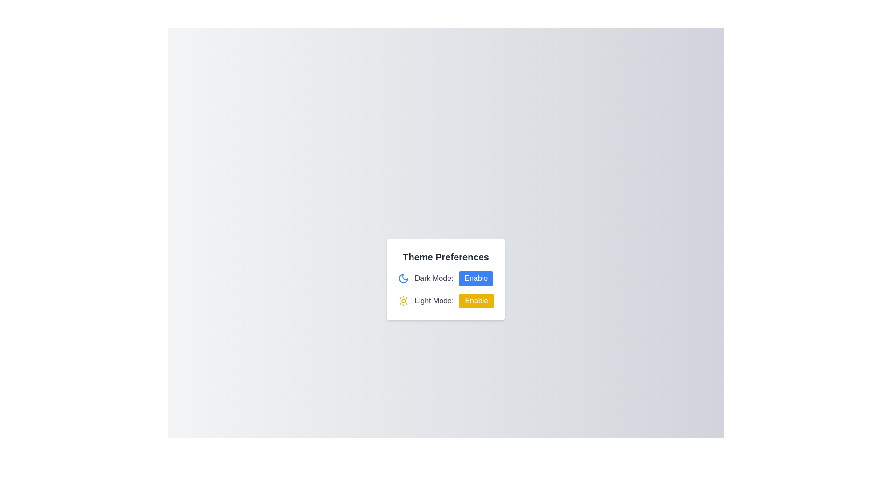  I want to click on the 'Light Mode:' label, which is a medium gray text label aligned left in the light theme settings, located to the left of the 'Enable' button, so click(434, 301).